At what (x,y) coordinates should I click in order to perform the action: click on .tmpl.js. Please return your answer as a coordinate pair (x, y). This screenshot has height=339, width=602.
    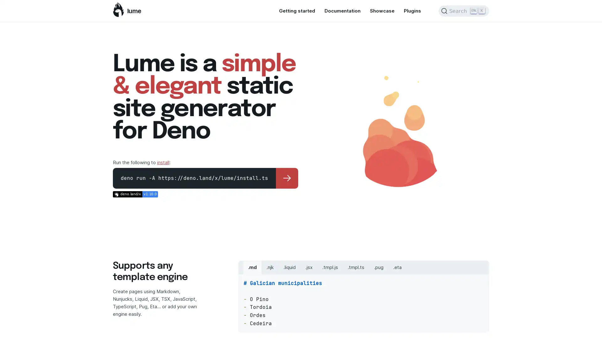
    Looking at the image, I should click on (330, 267).